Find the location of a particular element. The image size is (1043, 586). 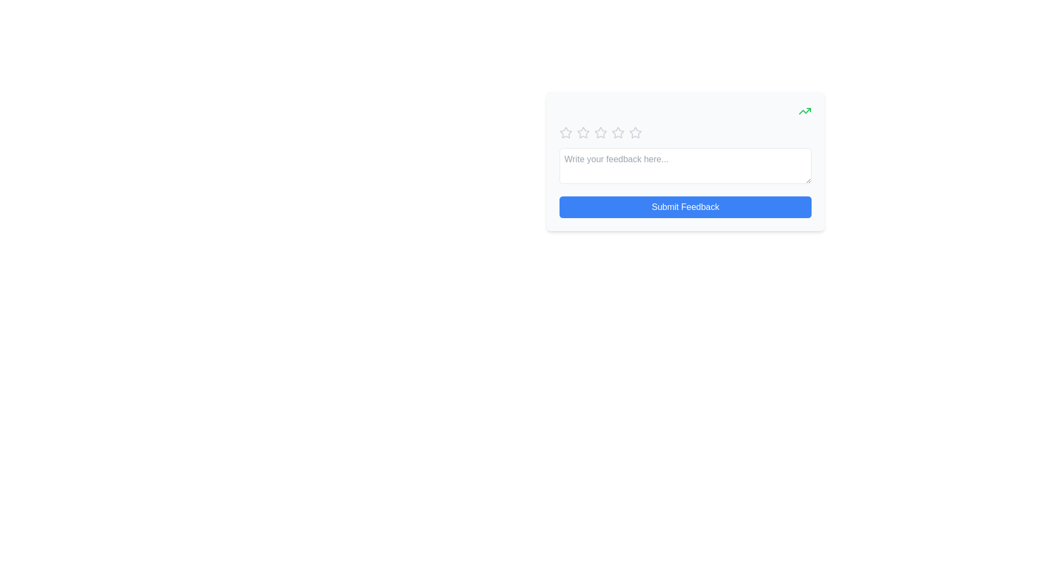

the second star icon in the horizontal sequence of five stars, which is highlighted in red, to indicate a rating selection is located at coordinates (618, 132).